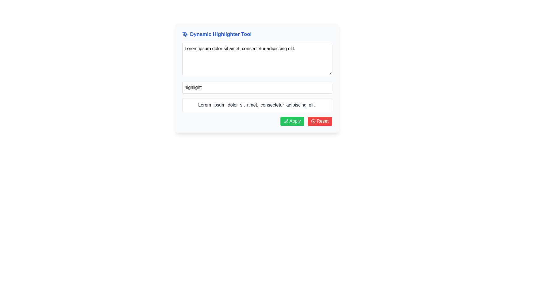  Describe the element at coordinates (313, 121) in the screenshot. I see `the reset button which contains the icon representing a reset or cancel action, located towards the left inside the button's boundary` at that location.